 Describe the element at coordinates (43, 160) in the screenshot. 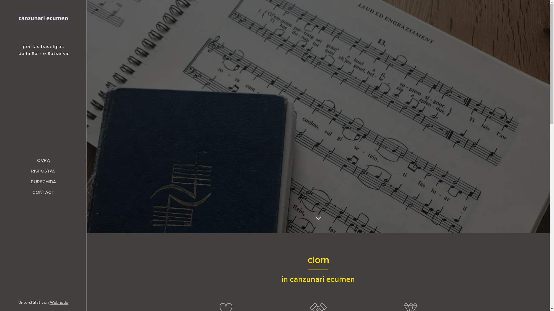

I see `'OVRA'` at that location.